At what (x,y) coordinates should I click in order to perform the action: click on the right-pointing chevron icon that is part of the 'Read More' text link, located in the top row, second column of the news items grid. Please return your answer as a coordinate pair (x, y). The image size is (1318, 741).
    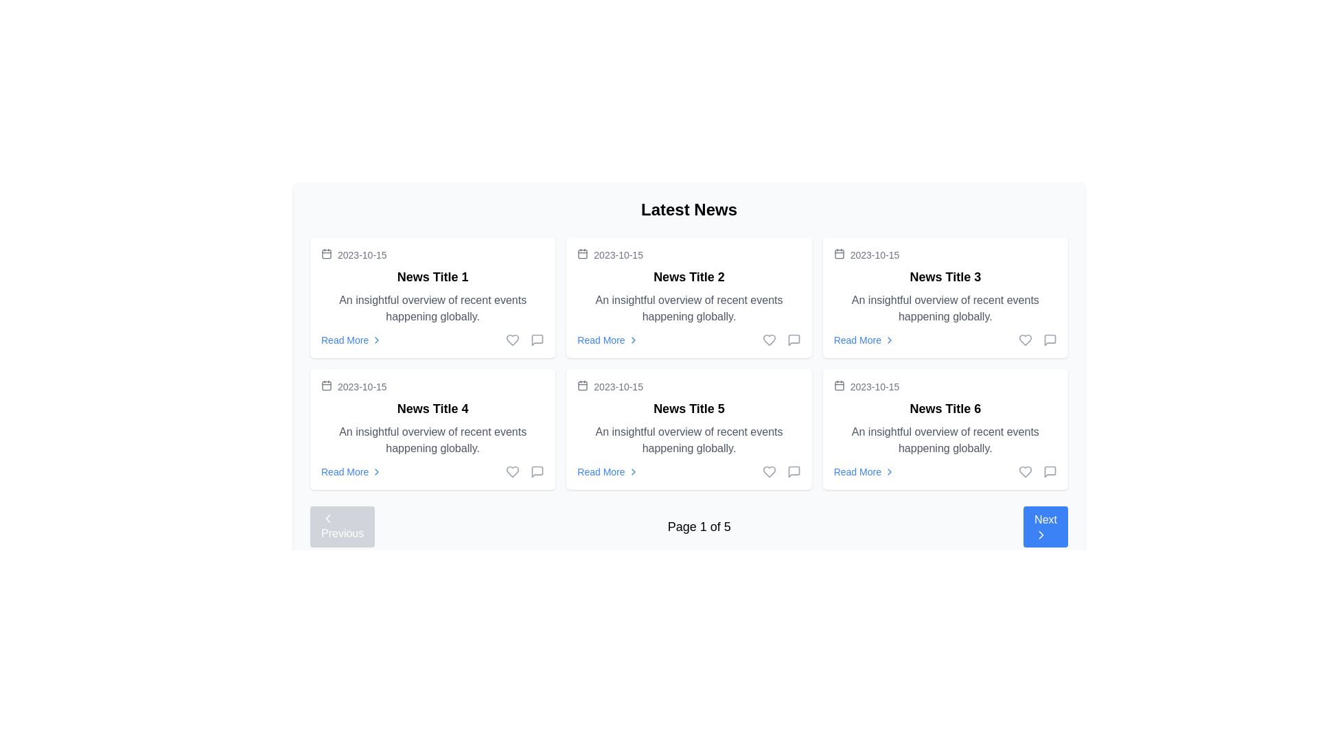
    Looking at the image, I should click on (632, 340).